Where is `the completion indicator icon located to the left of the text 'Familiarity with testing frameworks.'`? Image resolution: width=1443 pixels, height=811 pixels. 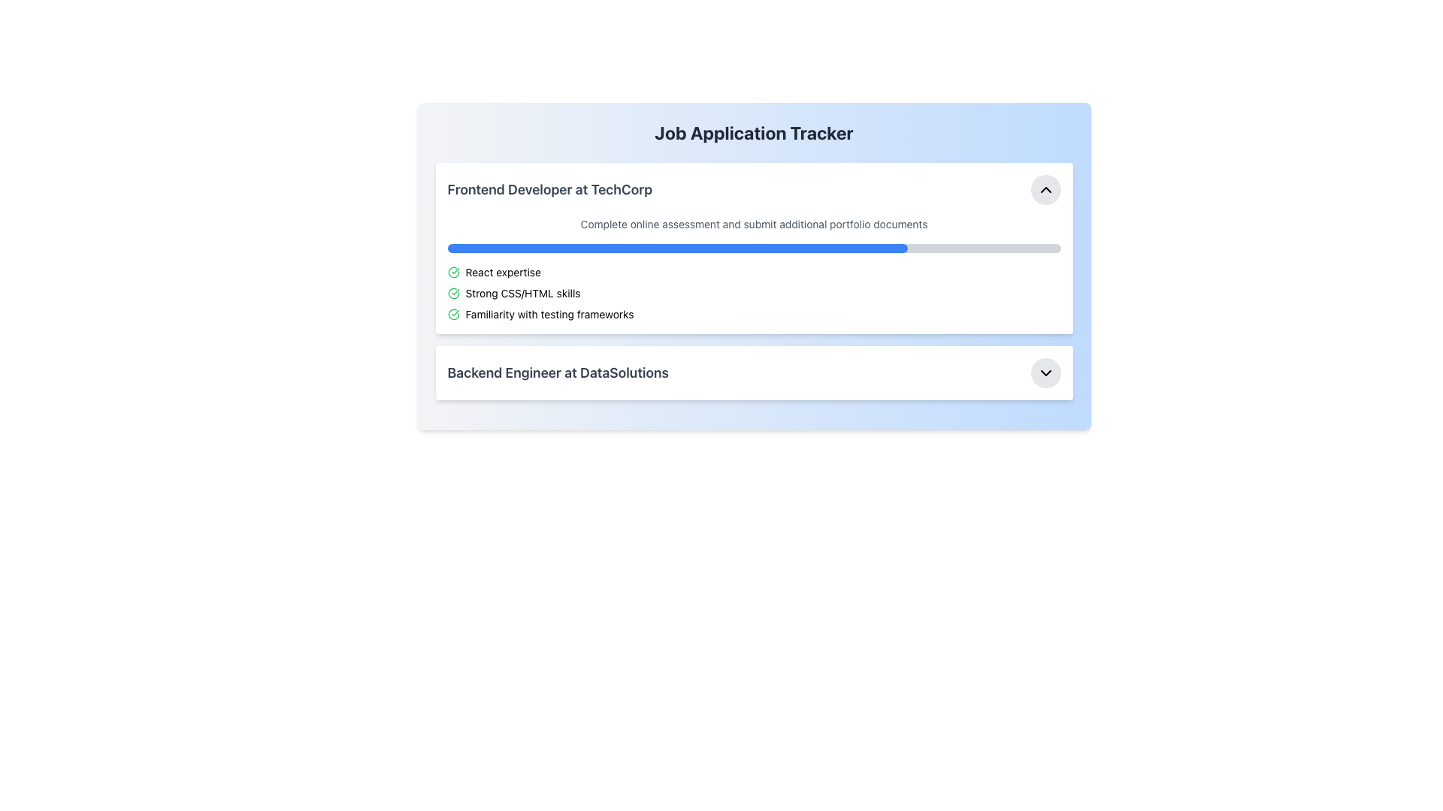
the completion indicator icon located to the left of the text 'Familiarity with testing frameworks.' is located at coordinates (452, 314).